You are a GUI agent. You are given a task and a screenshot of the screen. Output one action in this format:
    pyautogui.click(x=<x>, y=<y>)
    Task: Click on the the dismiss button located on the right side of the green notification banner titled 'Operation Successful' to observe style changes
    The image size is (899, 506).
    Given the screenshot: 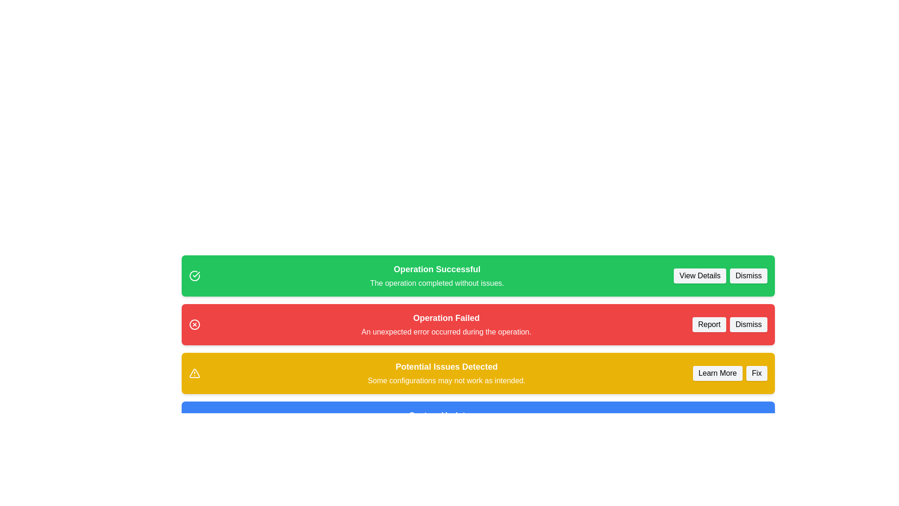 What is the action you would take?
    pyautogui.click(x=748, y=275)
    